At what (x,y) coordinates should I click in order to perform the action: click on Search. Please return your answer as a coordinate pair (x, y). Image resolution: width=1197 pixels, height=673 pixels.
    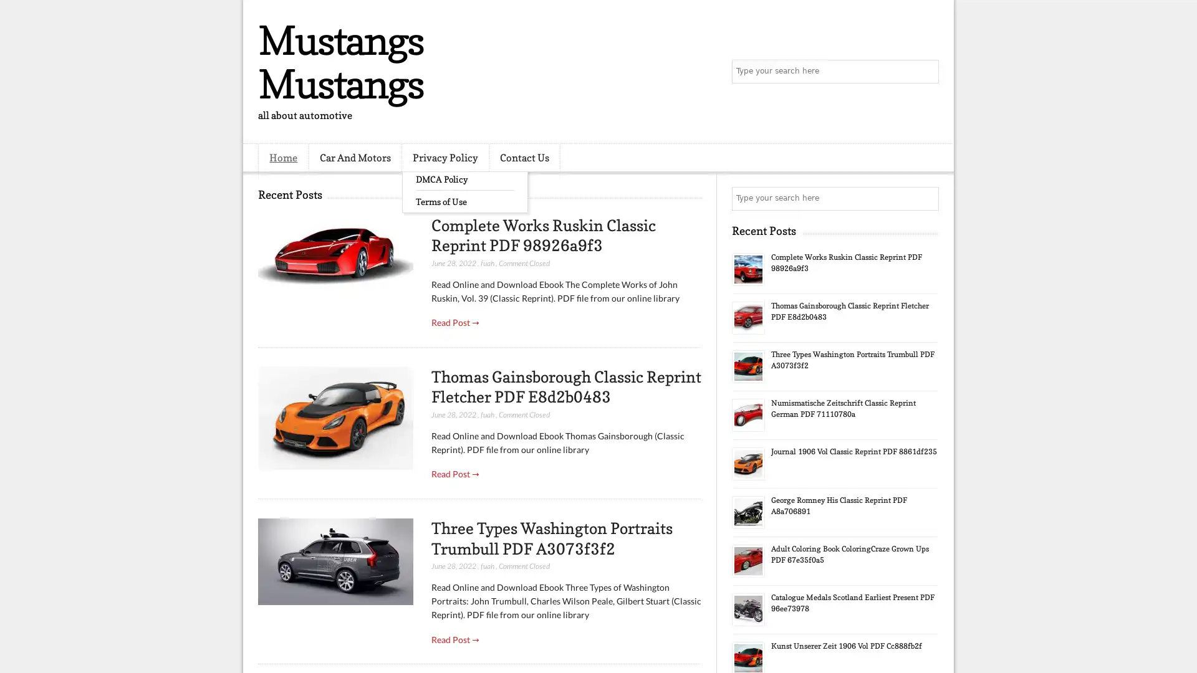
    Looking at the image, I should click on (926, 72).